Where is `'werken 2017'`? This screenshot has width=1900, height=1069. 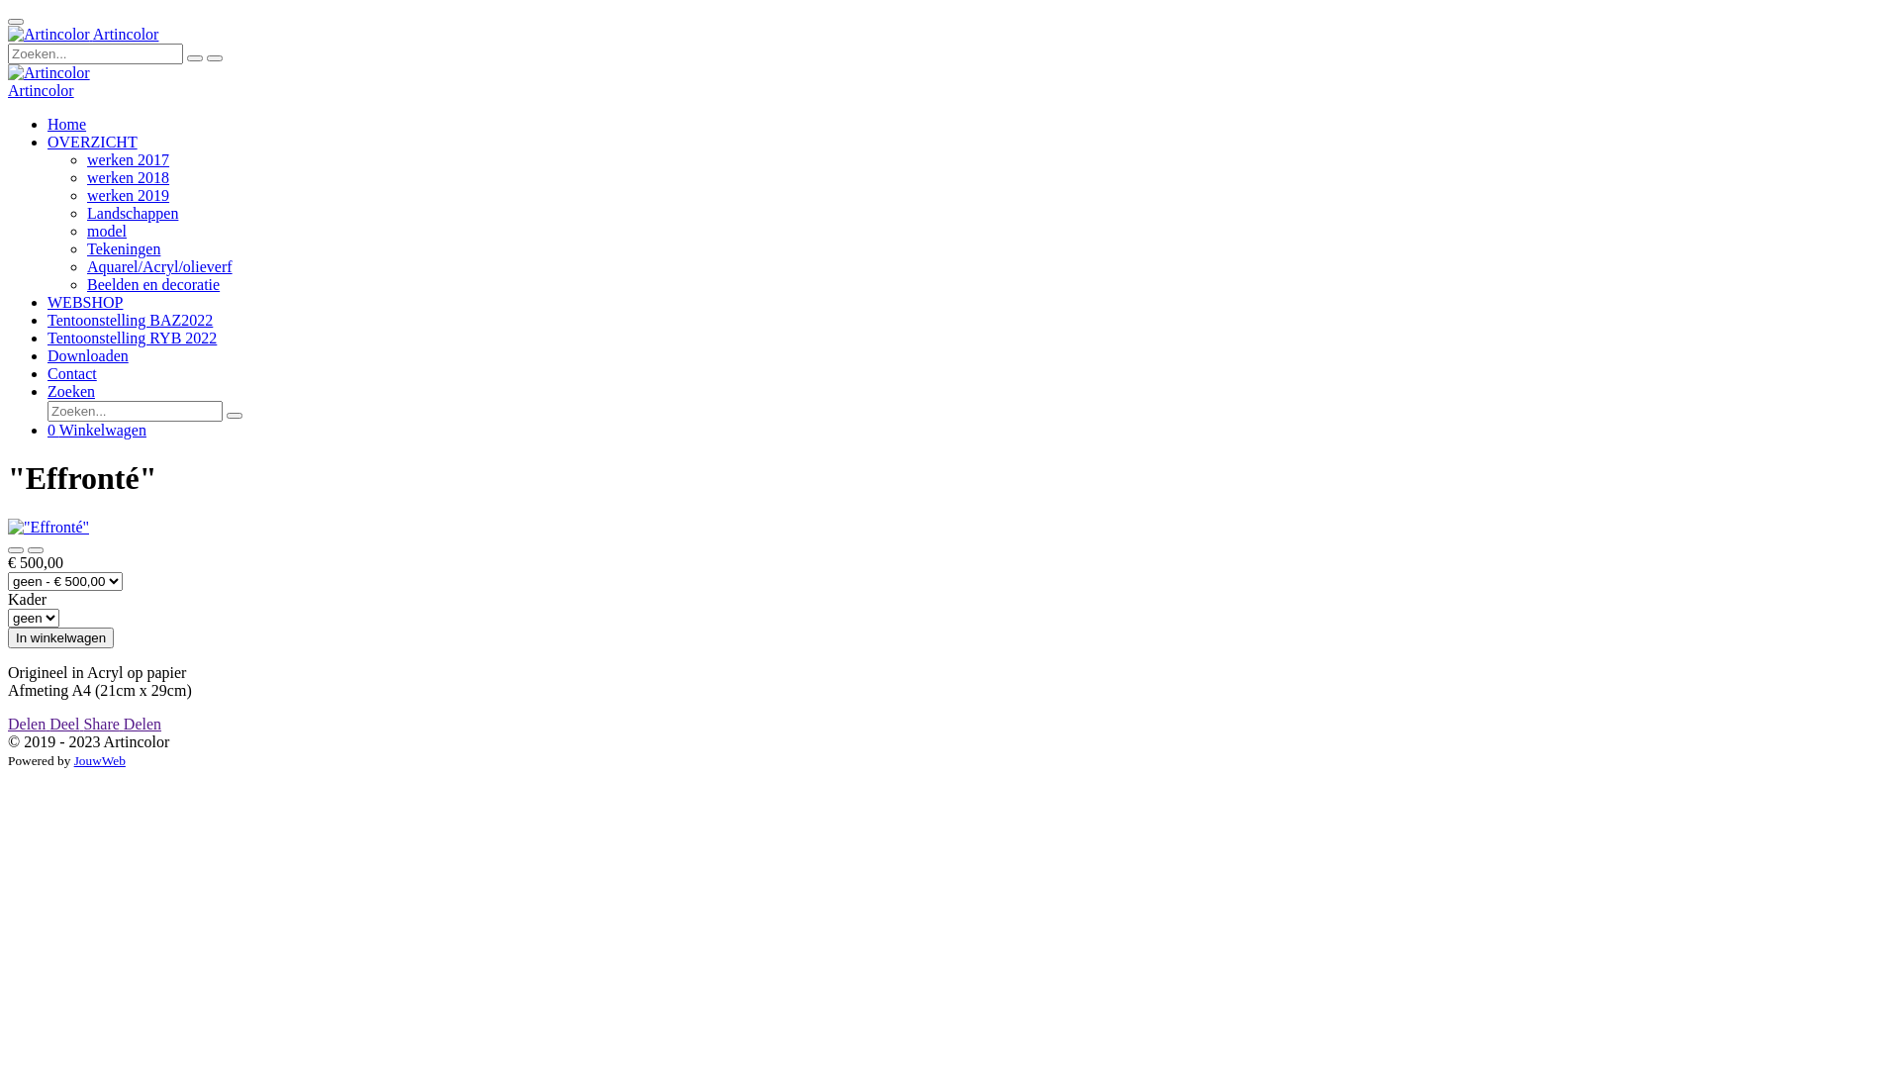
'werken 2017' is located at coordinates (127, 158).